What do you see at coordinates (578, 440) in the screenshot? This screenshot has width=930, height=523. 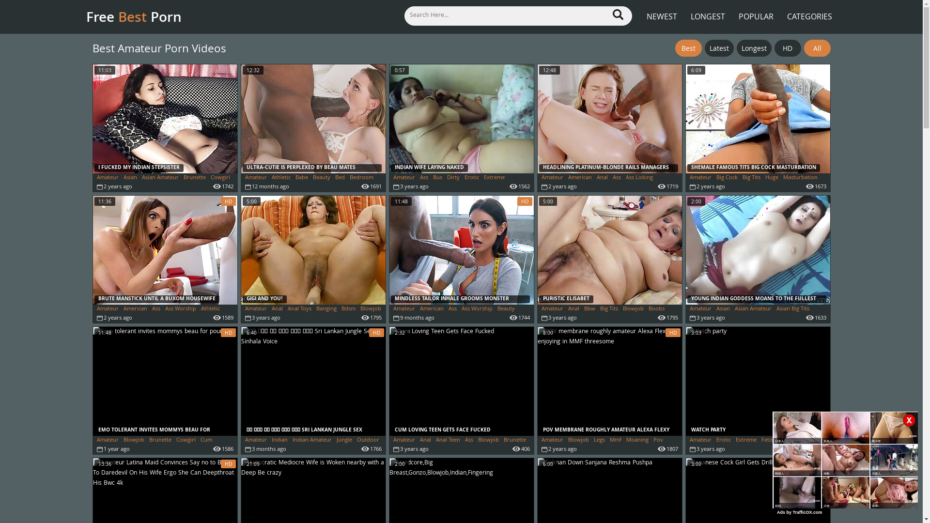 I see `'Blowjob'` at bounding box center [578, 440].